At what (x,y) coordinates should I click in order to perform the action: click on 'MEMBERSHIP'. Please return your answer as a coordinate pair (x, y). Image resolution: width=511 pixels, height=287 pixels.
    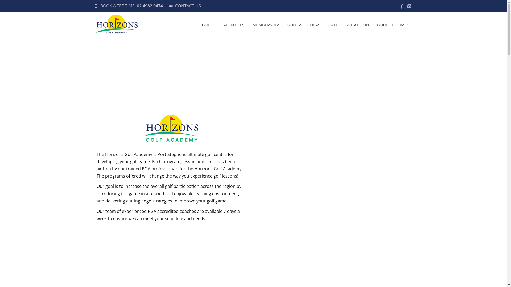
    Looking at the image, I should click on (266, 24).